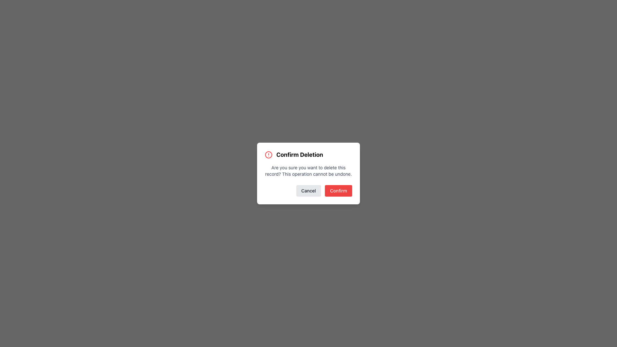  What do you see at coordinates (338, 191) in the screenshot?
I see `the confirmation button located at the bottom-right of the dialog box to confirm the action` at bounding box center [338, 191].